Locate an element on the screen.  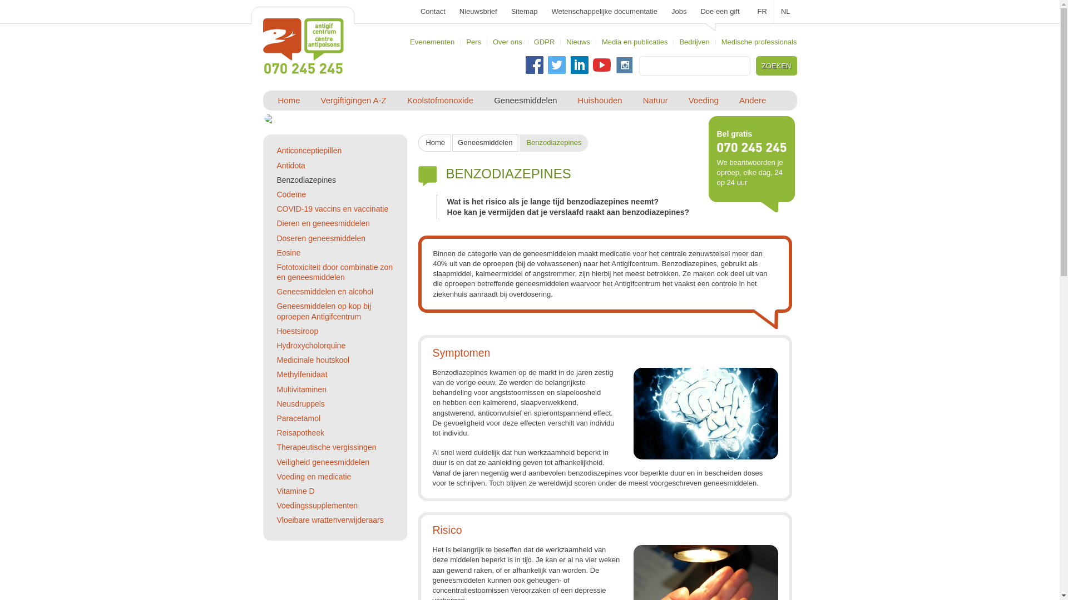
'Nieuws' is located at coordinates (578, 41).